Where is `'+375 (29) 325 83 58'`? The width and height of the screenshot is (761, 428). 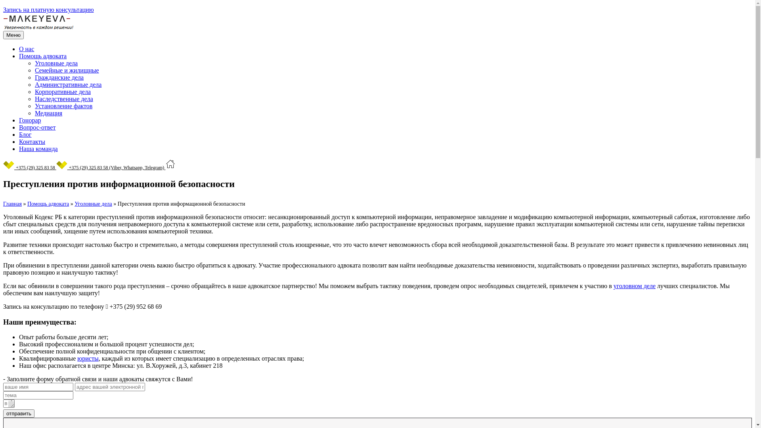
'+375 (29) 325 83 58' is located at coordinates (3, 166).